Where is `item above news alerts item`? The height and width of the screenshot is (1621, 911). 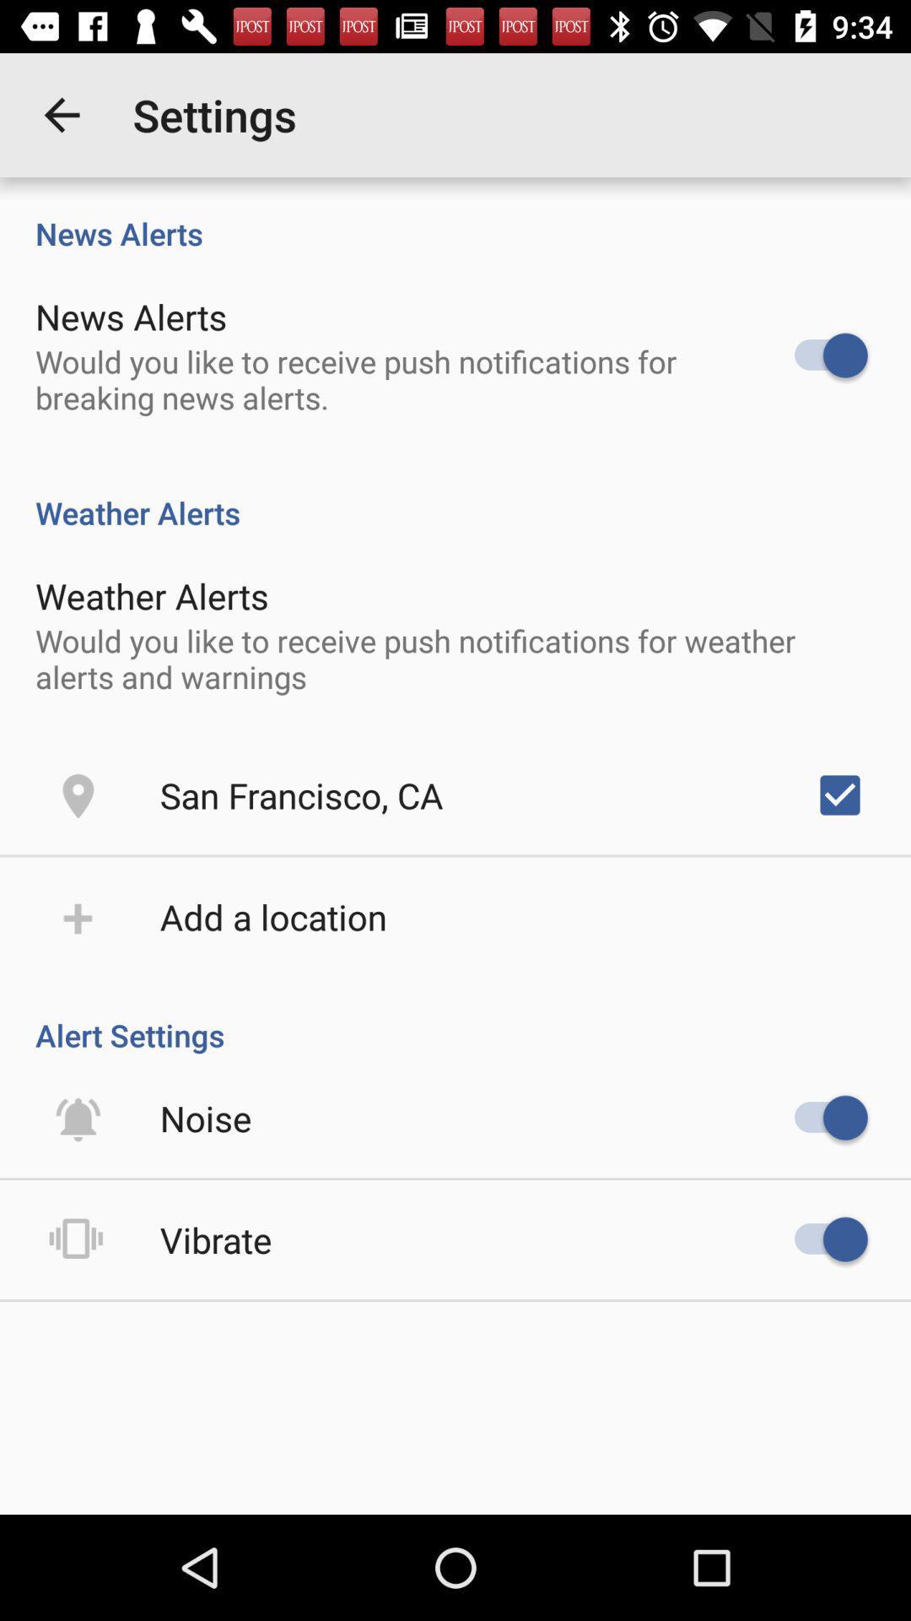 item above news alerts item is located at coordinates (61, 114).